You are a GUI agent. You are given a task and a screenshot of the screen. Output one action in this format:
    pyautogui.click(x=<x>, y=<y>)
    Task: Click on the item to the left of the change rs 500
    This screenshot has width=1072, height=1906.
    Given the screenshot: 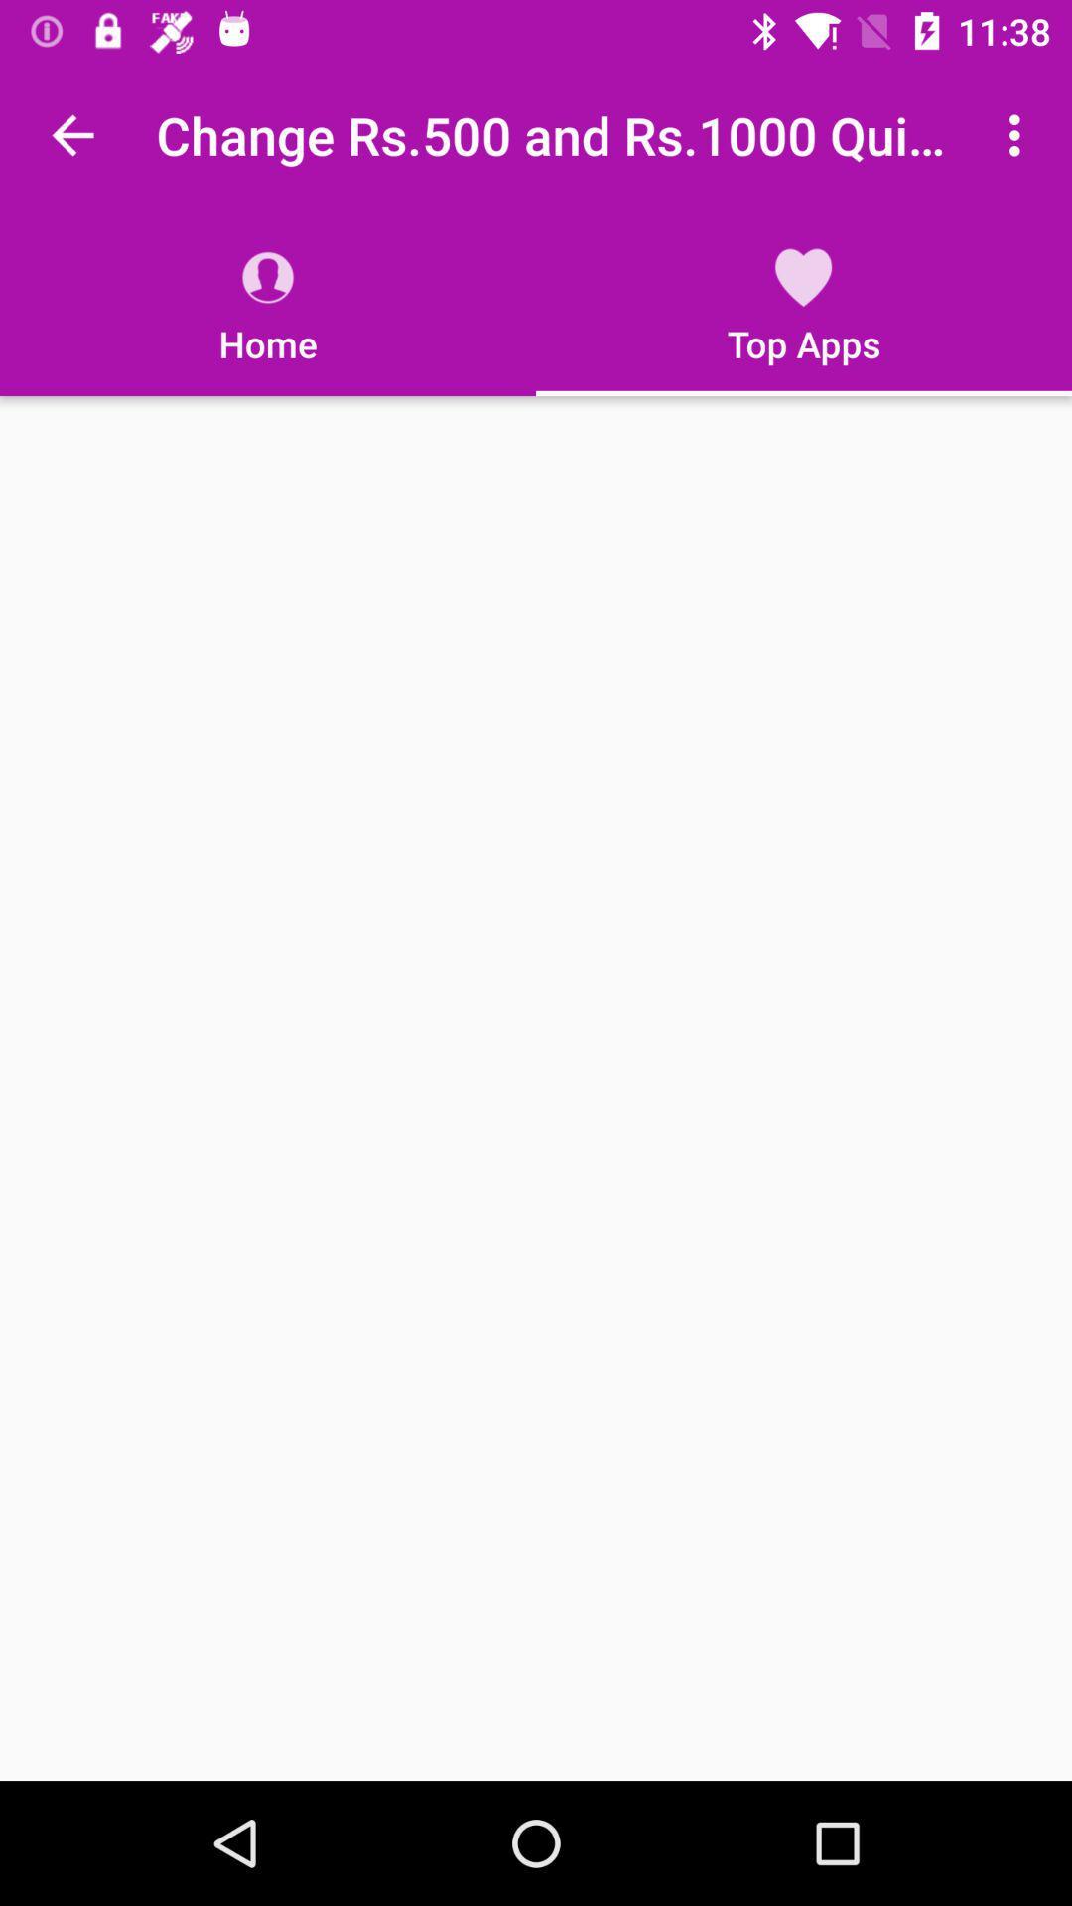 What is the action you would take?
    pyautogui.click(x=71, y=134)
    